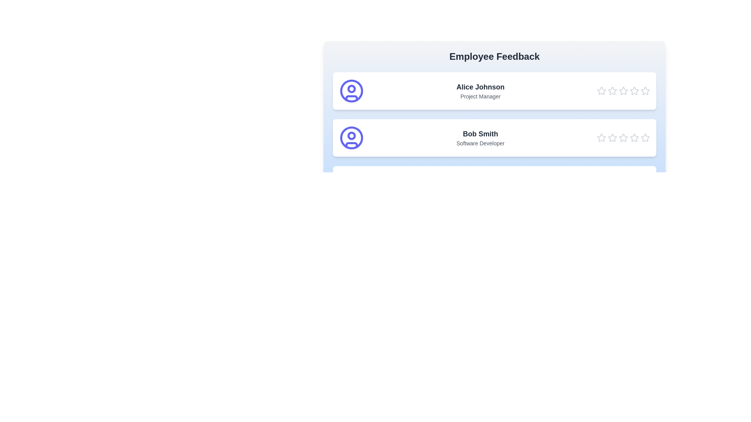 This screenshot has width=751, height=422. What do you see at coordinates (601, 138) in the screenshot?
I see `the star corresponding to 1 stars for the employee Bob Smith` at bounding box center [601, 138].